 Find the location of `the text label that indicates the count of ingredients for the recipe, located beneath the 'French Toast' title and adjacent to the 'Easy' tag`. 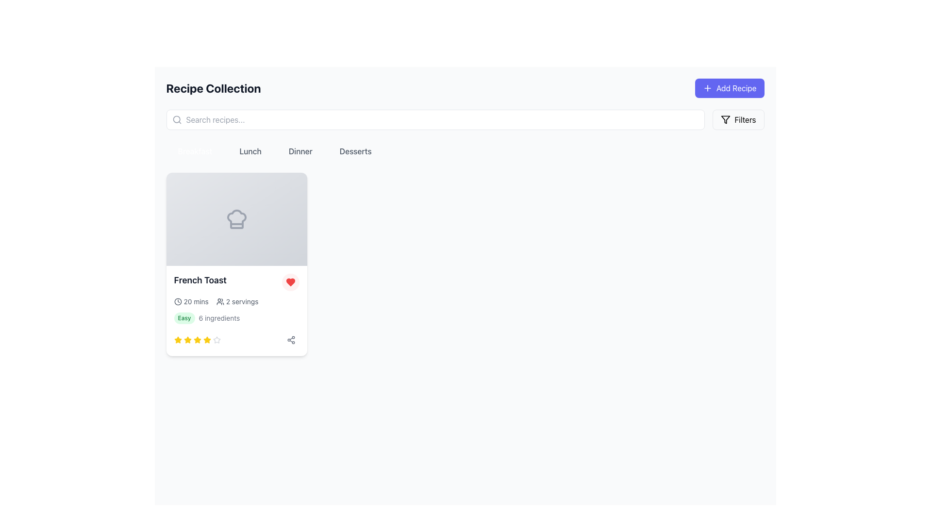

the text label that indicates the count of ingredients for the recipe, located beneath the 'French Toast' title and adjacent to the 'Easy' tag is located at coordinates (218, 318).